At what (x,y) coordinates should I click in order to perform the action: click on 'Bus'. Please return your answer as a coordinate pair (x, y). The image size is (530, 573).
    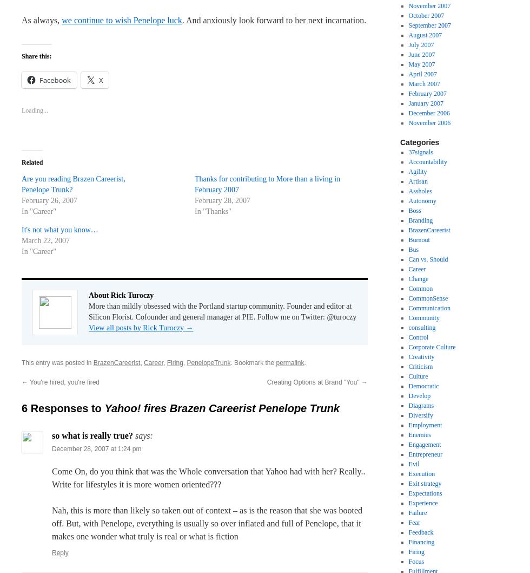
    Looking at the image, I should click on (408, 249).